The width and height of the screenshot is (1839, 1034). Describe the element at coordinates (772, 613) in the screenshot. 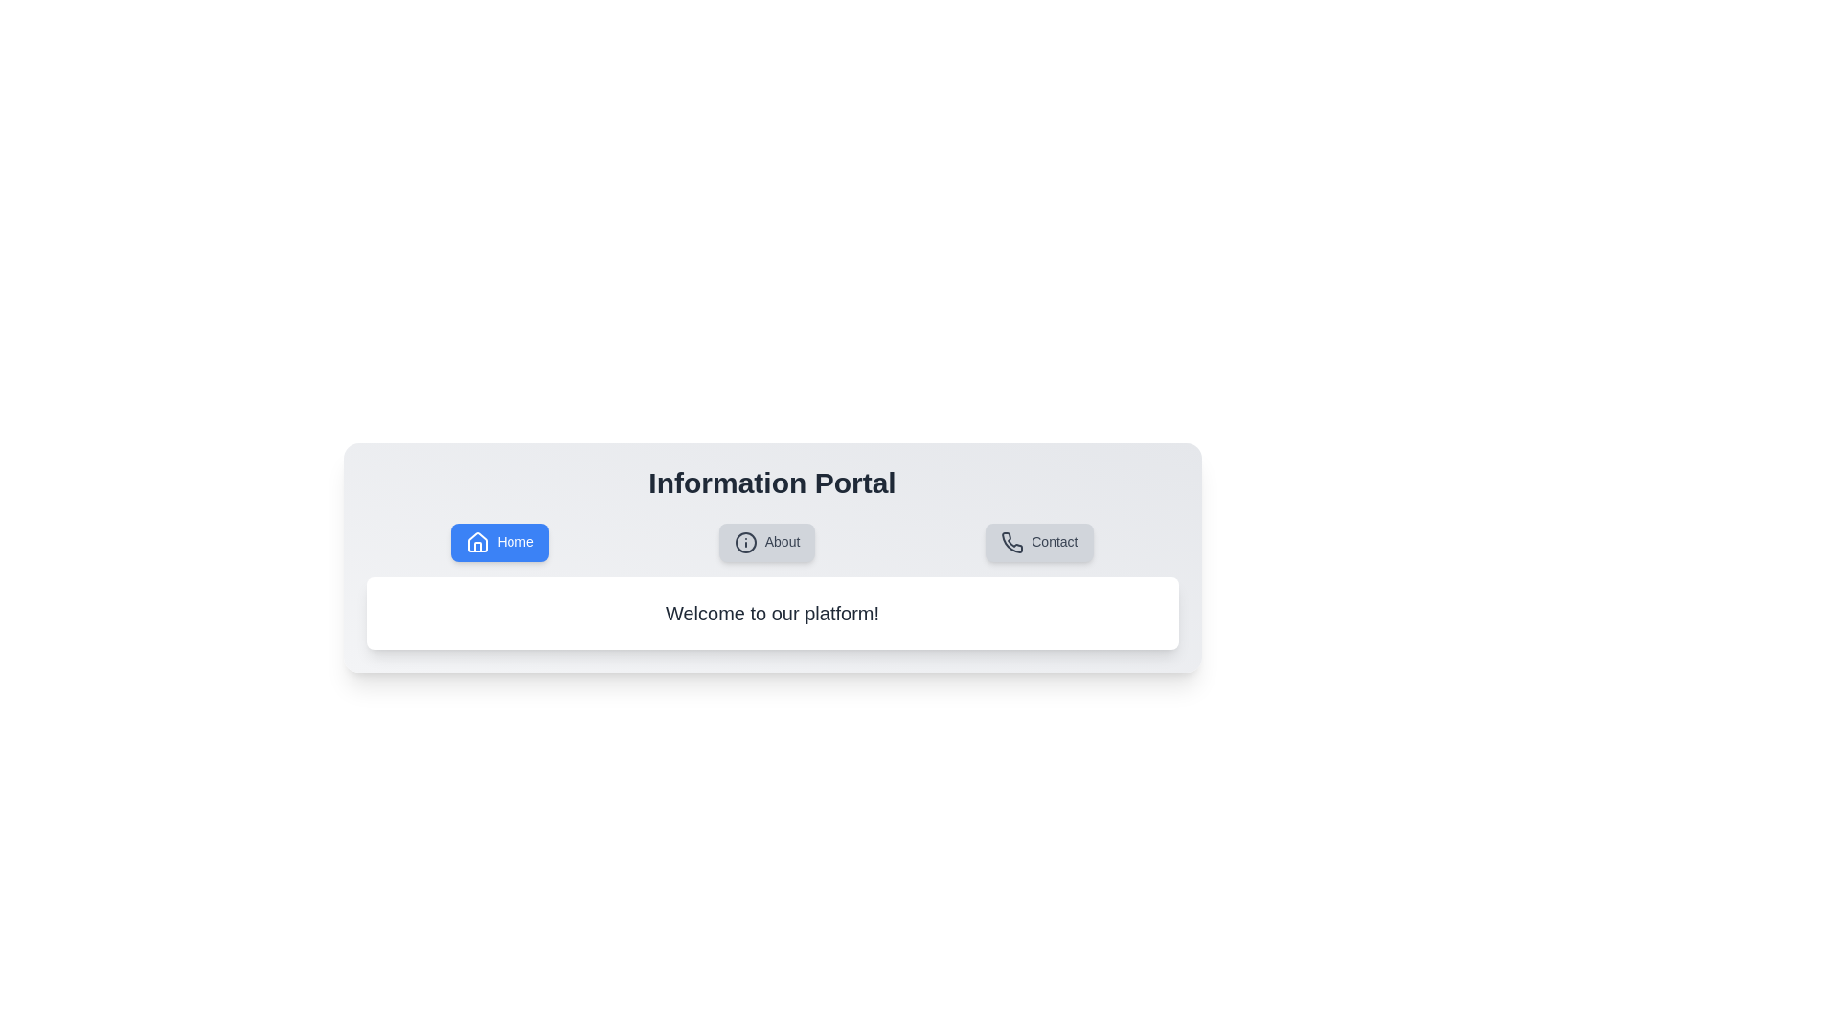

I see `the static text element that reads 'Welcome to our platform!' which is displayed in a large font style and centered alignment with a gray tone, located below the navigation tabs` at that location.